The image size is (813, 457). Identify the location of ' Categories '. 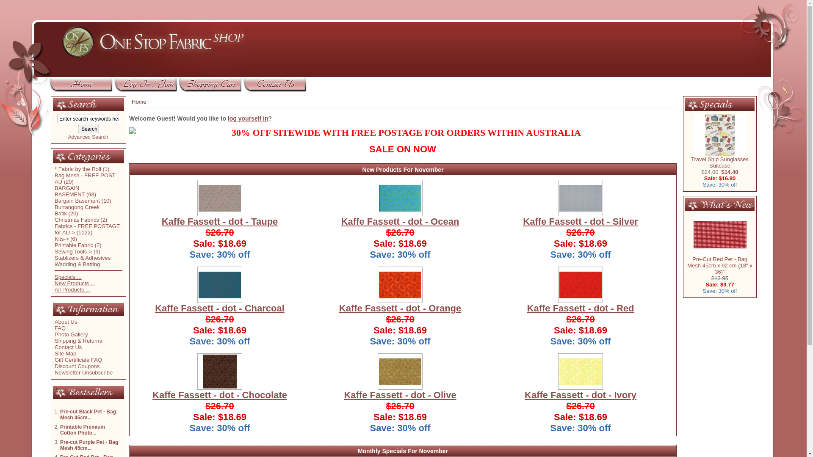
(82, 157).